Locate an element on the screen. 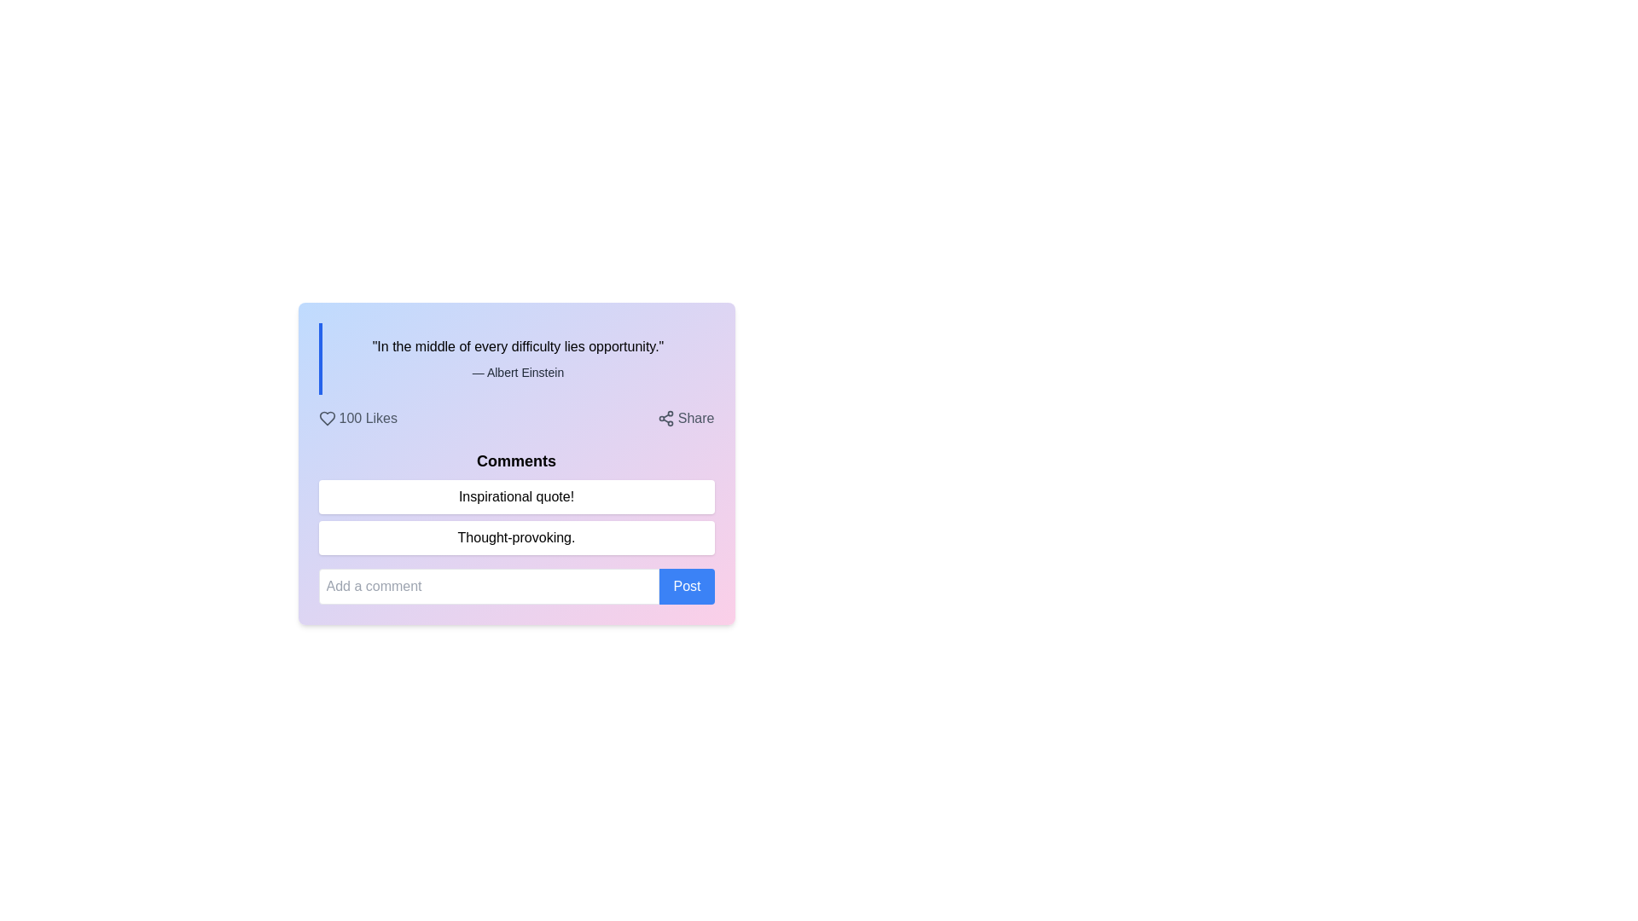  the blue 'Post' button with white text is located at coordinates (687, 585).